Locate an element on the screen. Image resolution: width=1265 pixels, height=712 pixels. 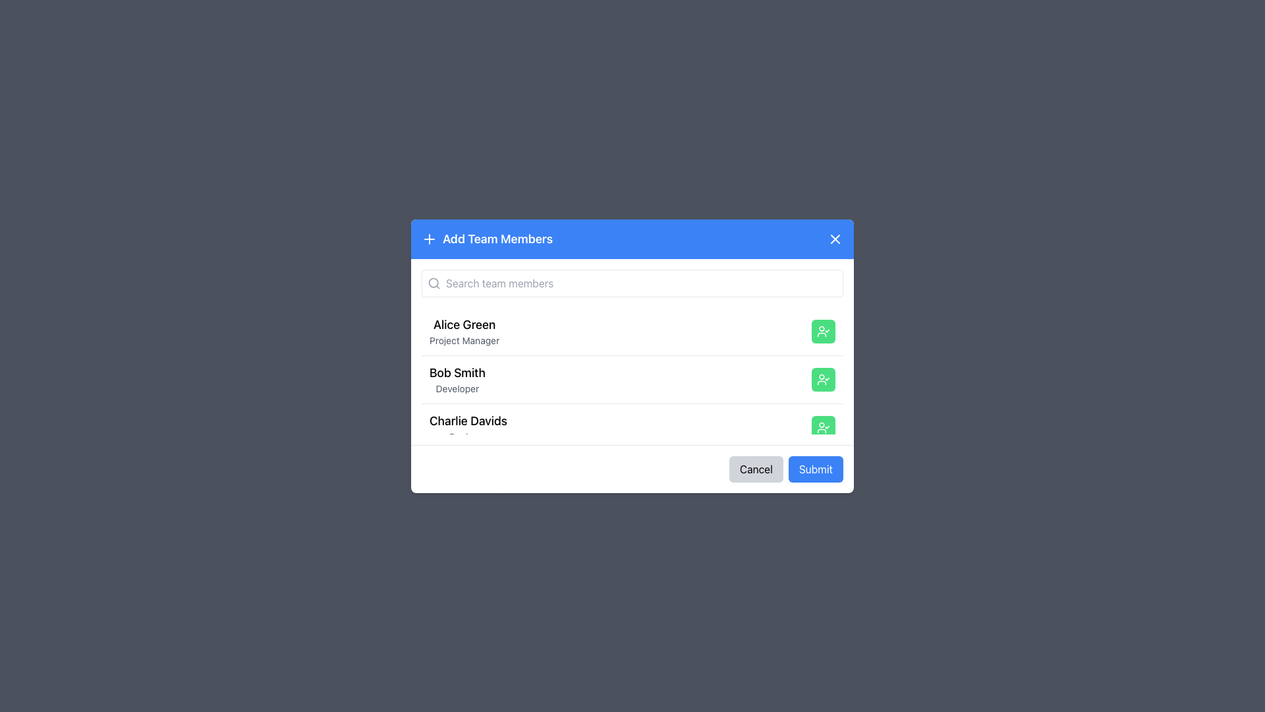
an individual item in the scrollable list of team members within the 'Add Team Members' modal is located at coordinates (632, 371).